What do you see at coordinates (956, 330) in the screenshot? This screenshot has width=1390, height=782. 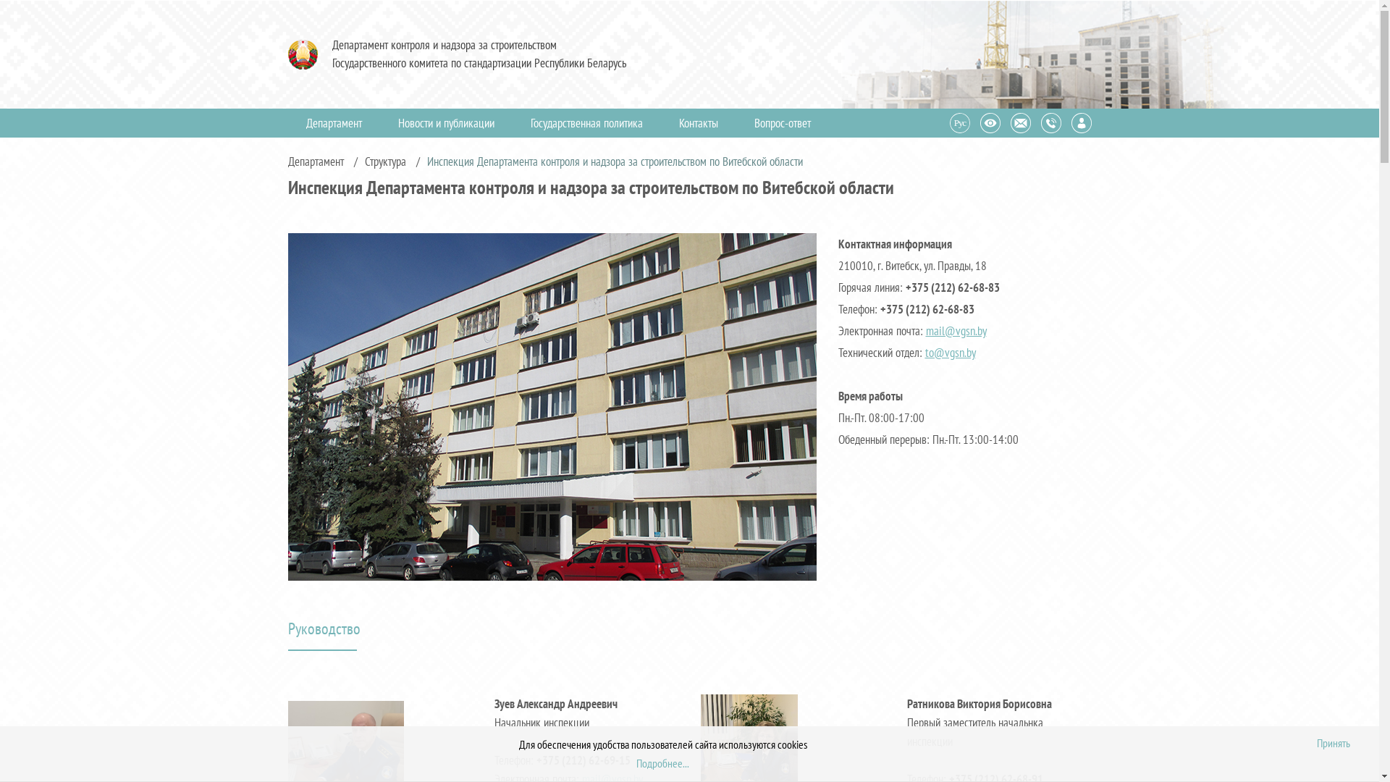 I see `'mail@vgsn.by'` at bounding box center [956, 330].